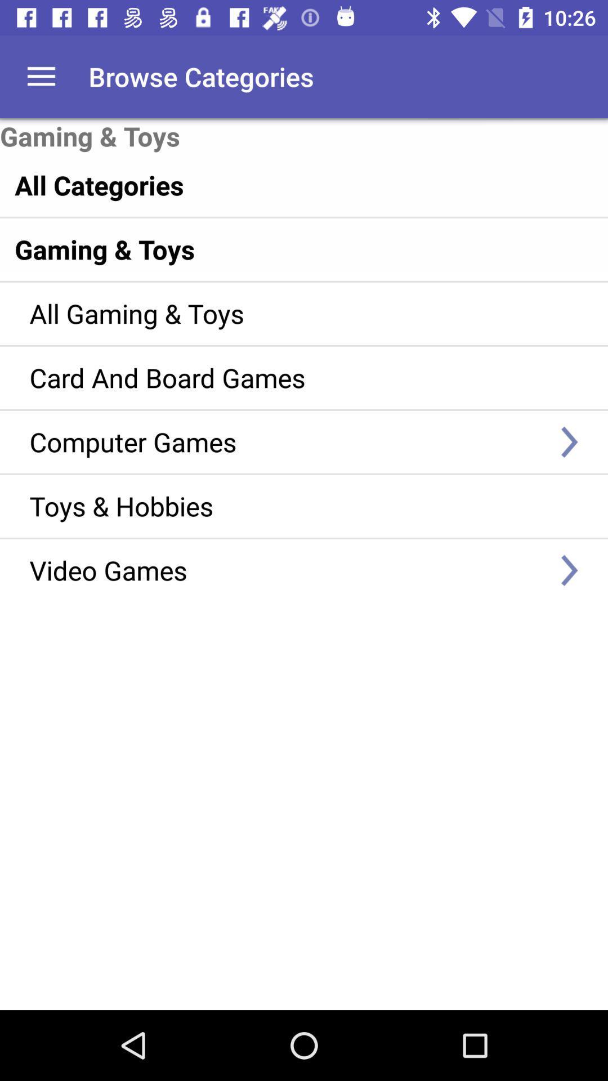 Image resolution: width=608 pixels, height=1081 pixels. I want to click on open options menu, so click(41, 76).